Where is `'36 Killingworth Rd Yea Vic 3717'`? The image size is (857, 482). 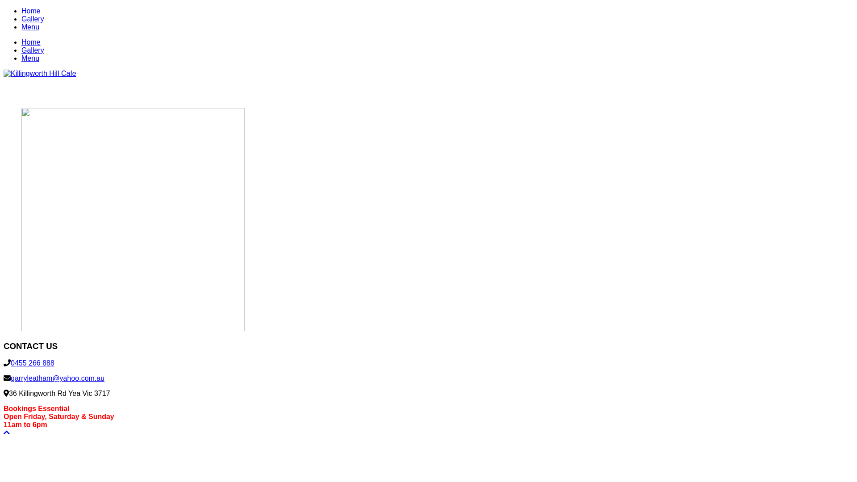 '36 Killingworth Rd Yea Vic 3717' is located at coordinates (8, 393).